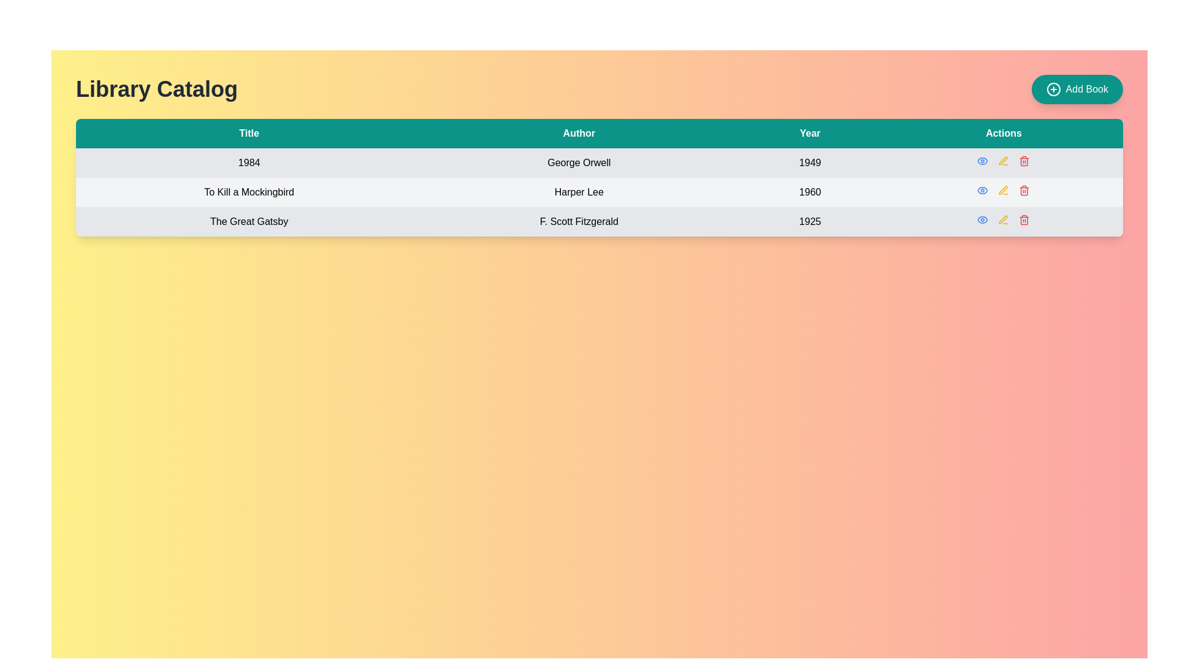  Describe the element at coordinates (248, 134) in the screenshot. I see `text 'Title' in the first table header cell, which is centered on a teal background and displayed in a bold white font` at that location.